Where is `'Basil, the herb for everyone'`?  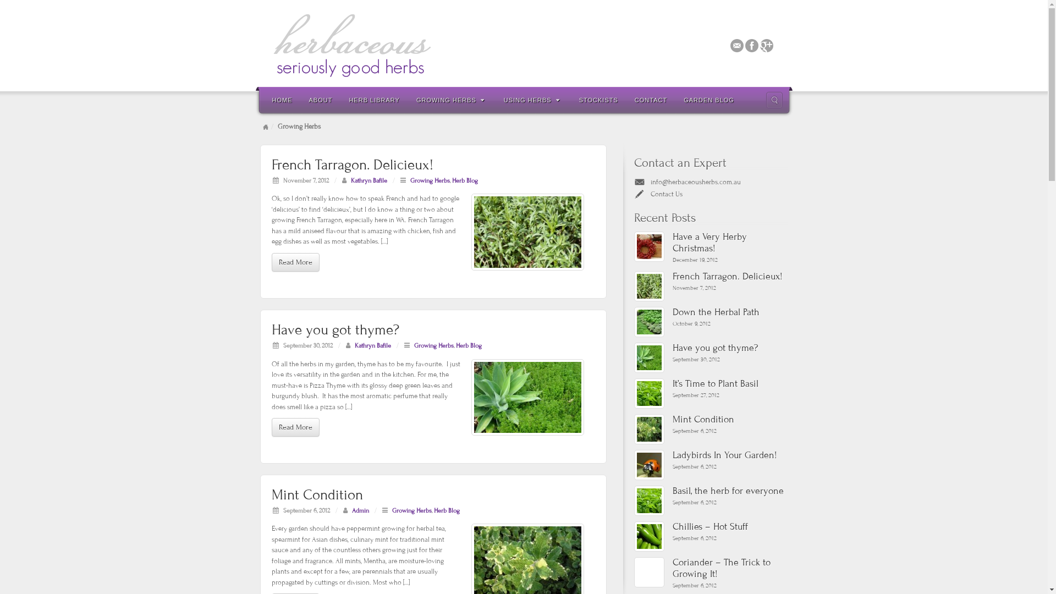
'Basil, the herb for everyone' is located at coordinates (672, 491).